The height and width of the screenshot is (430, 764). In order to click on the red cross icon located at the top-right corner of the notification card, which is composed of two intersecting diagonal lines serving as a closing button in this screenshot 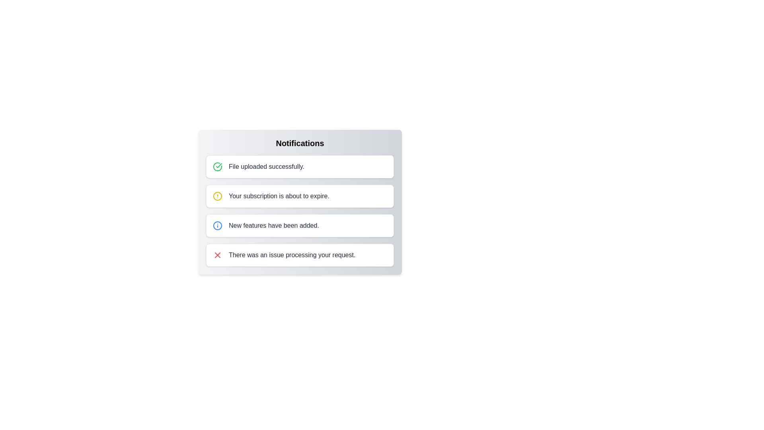, I will do `click(218, 255)`.